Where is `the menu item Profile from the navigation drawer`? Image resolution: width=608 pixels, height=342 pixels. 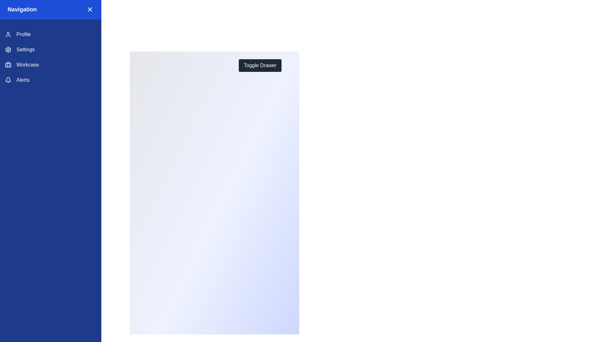 the menu item Profile from the navigation drawer is located at coordinates (50, 34).